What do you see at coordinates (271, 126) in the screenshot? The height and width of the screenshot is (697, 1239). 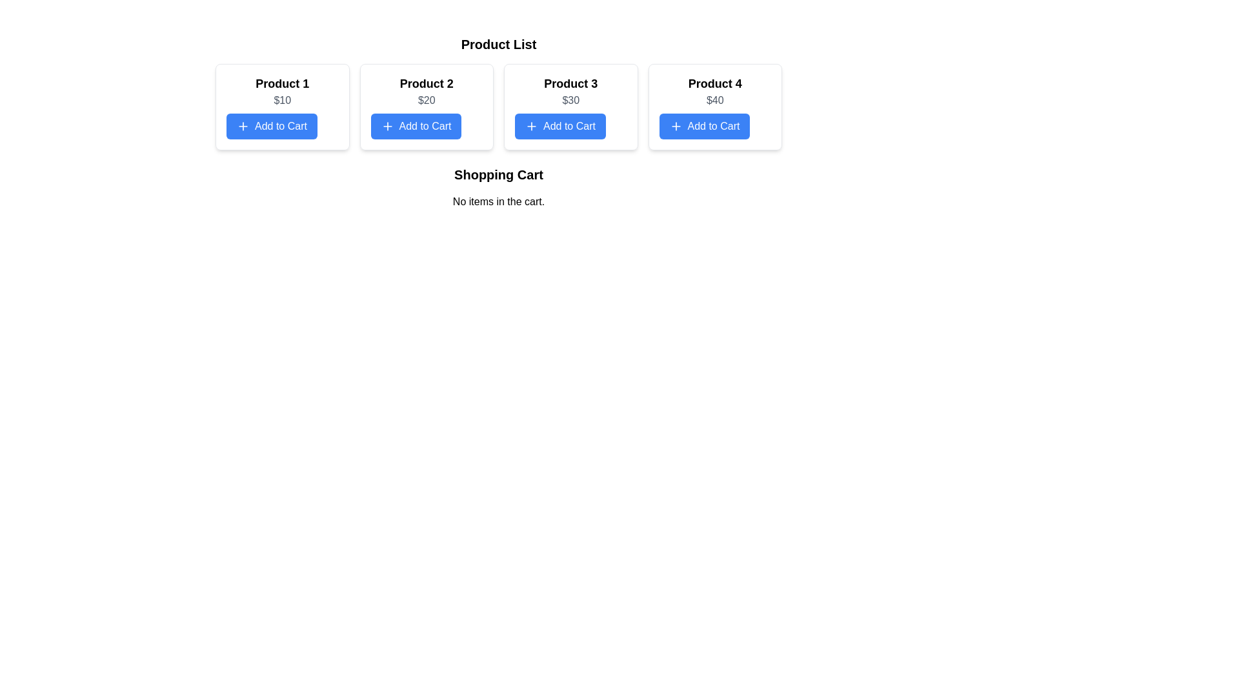 I see `'Add to Cart' button with a blue background and white text for debugging purposes` at bounding box center [271, 126].